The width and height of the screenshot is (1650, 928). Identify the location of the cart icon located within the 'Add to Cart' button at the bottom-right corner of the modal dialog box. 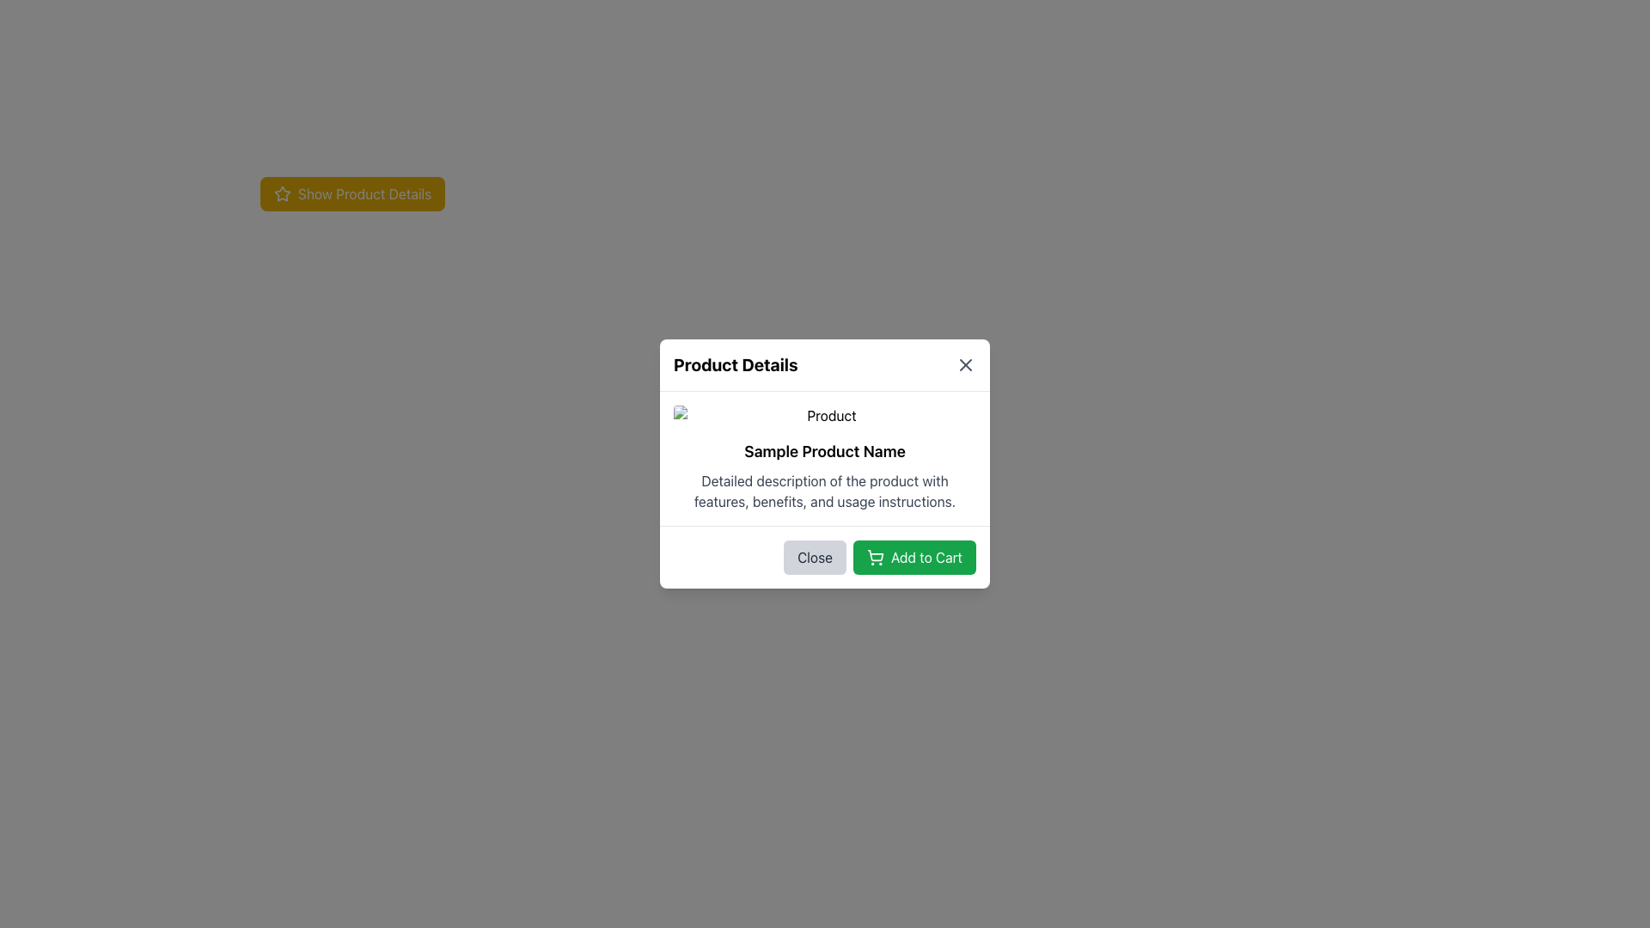
(875, 555).